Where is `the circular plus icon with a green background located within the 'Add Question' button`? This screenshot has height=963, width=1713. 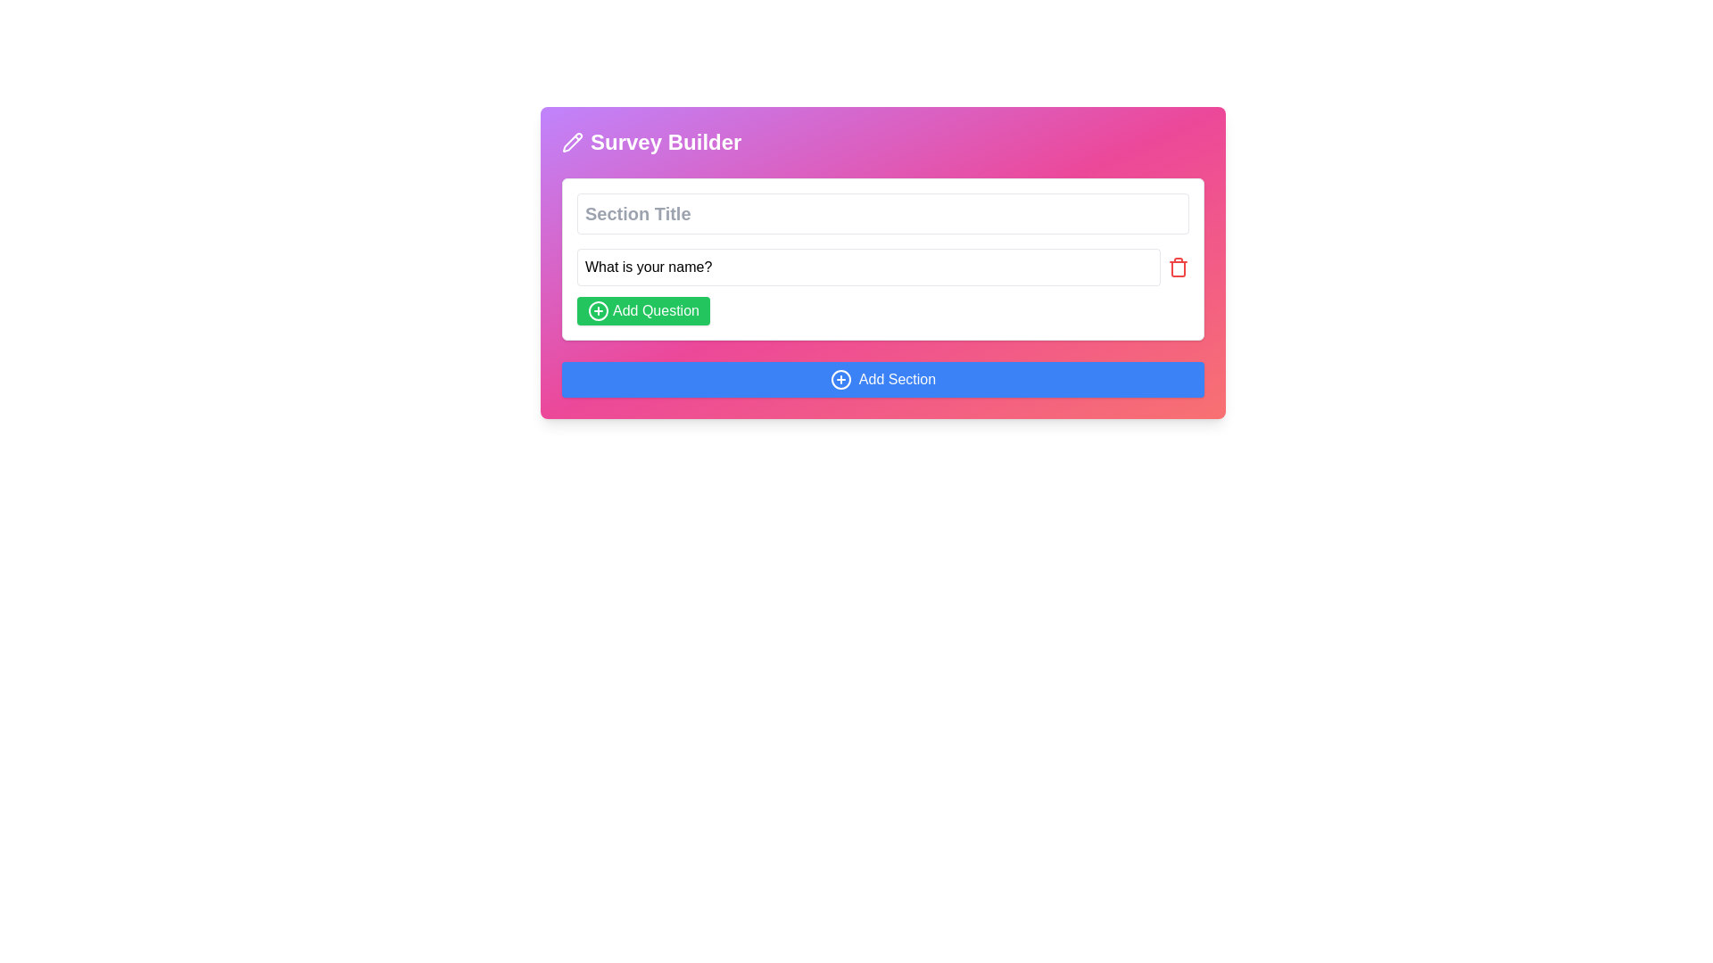
the circular plus icon with a green background located within the 'Add Question' button is located at coordinates (599, 309).